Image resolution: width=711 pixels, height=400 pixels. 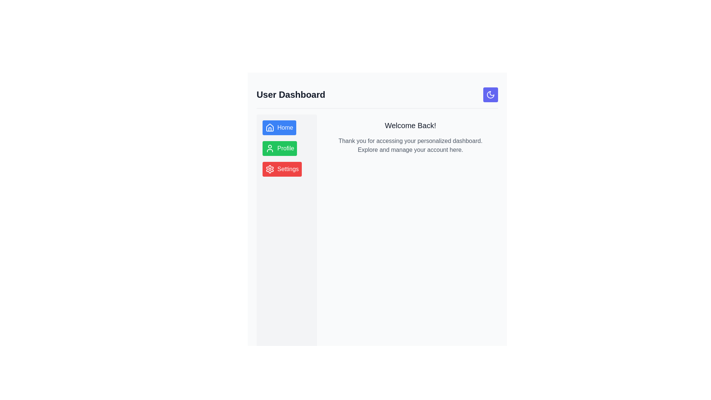 I want to click on the 'Profile' button in the vertical navigation menu located in the left sidebar, so click(x=286, y=149).